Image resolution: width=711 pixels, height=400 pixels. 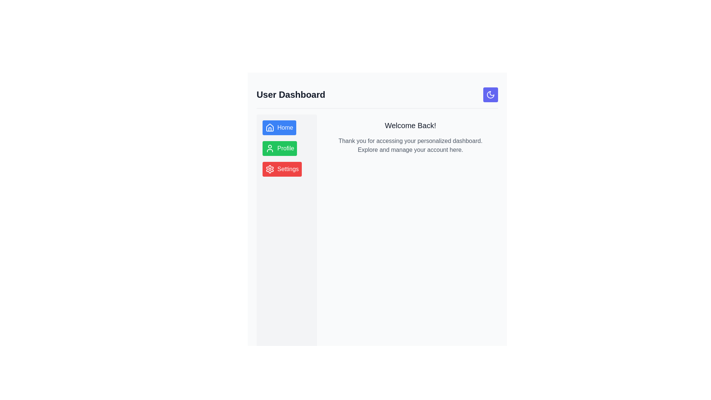 I want to click on the 'Profile' button in the vertical navigation menu located in the left sidebar, so click(x=286, y=149).